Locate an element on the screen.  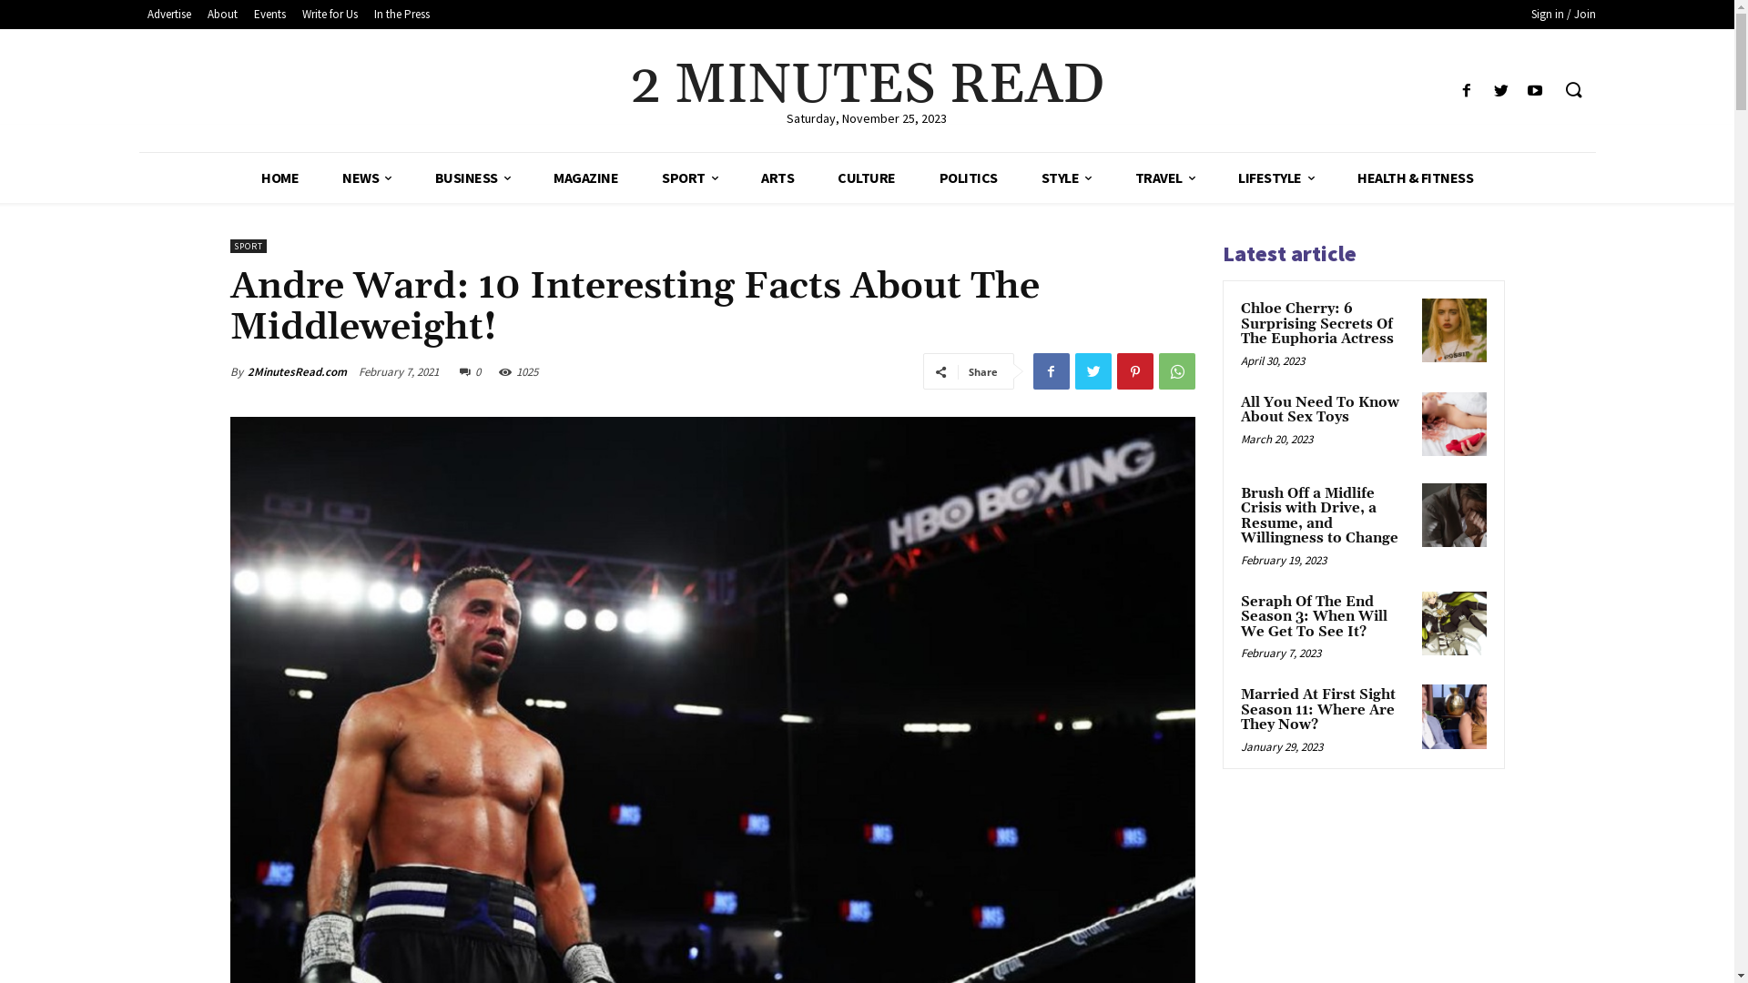
'Chloe Cherry: 6 Surprising Secrets Of The Euphoria Actress' is located at coordinates (1453, 329).